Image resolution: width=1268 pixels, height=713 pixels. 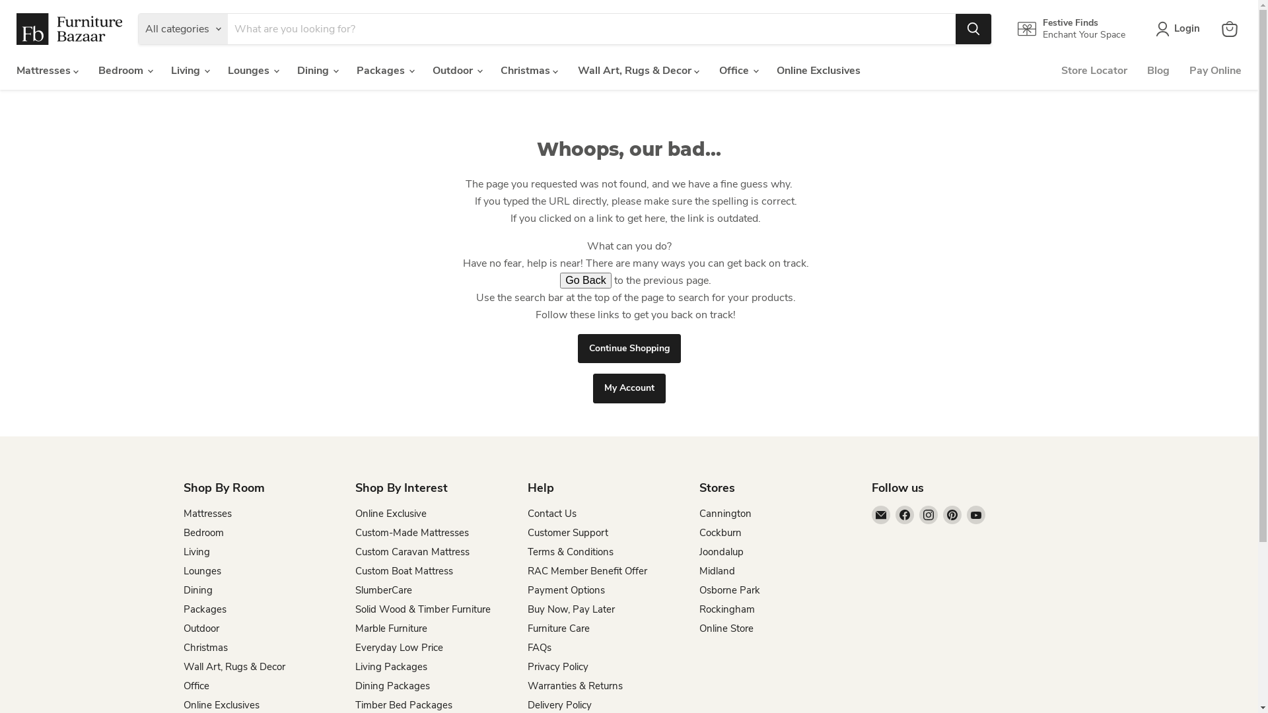 What do you see at coordinates (557, 628) in the screenshot?
I see `'Furniture Care'` at bounding box center [557, 628].